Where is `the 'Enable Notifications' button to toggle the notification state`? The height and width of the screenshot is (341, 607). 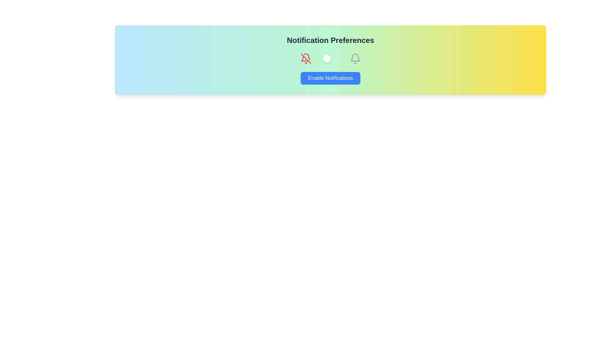 the 'Enable Notifications' button to toggle the notification state is located at coordinates (330, 78).